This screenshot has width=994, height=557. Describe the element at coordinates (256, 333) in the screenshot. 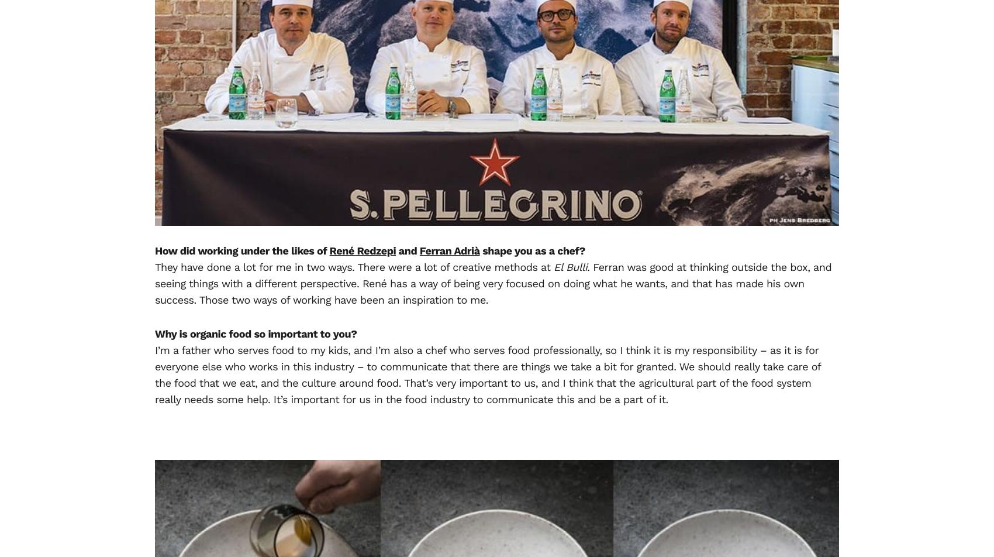

I see `'Why is organic food so important to you?'` at that location.